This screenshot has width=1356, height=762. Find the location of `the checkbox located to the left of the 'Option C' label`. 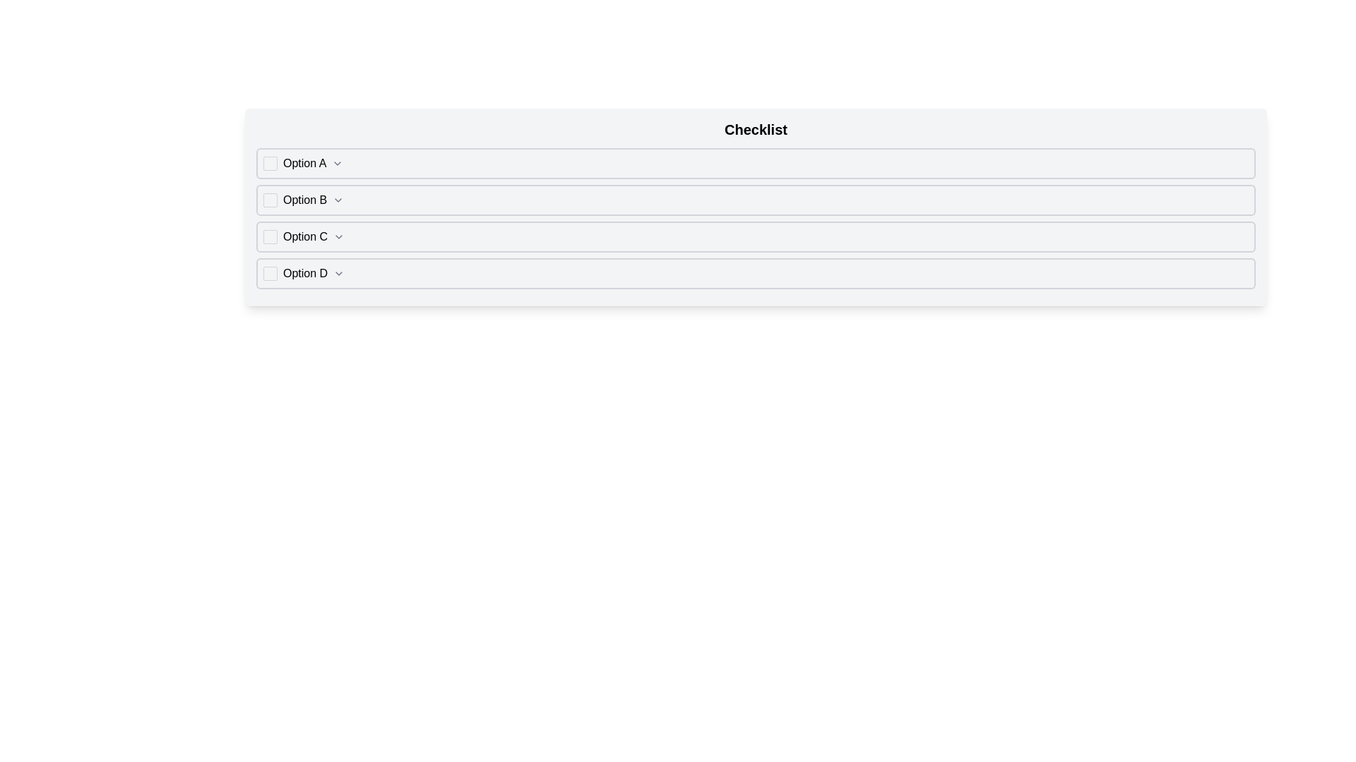

the checkbox located to the left of the 'Option C' label is located at coordinates (270, 236).